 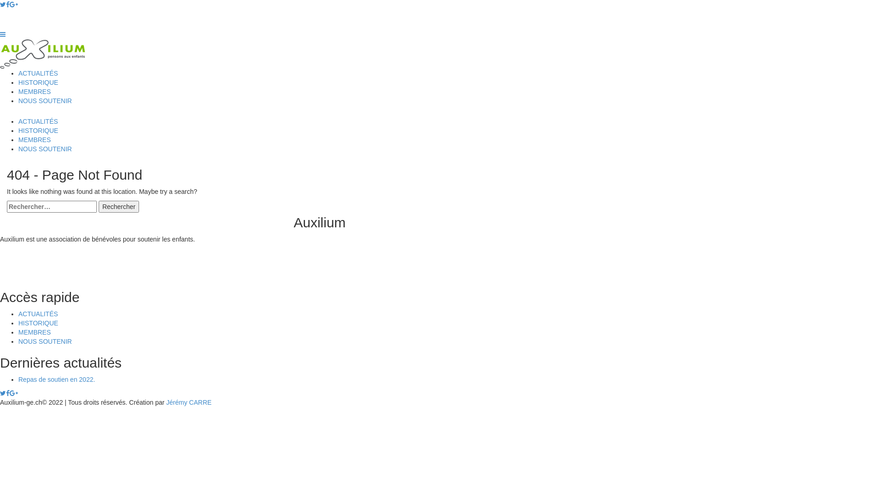 I want to click on 'NOUS SOUTENIR', so click(x=45, y=148).